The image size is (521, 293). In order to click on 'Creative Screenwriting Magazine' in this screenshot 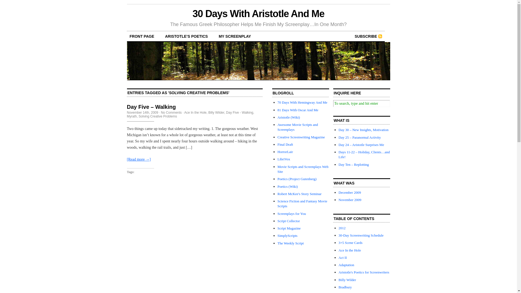, I will do `click(301, 137)`.